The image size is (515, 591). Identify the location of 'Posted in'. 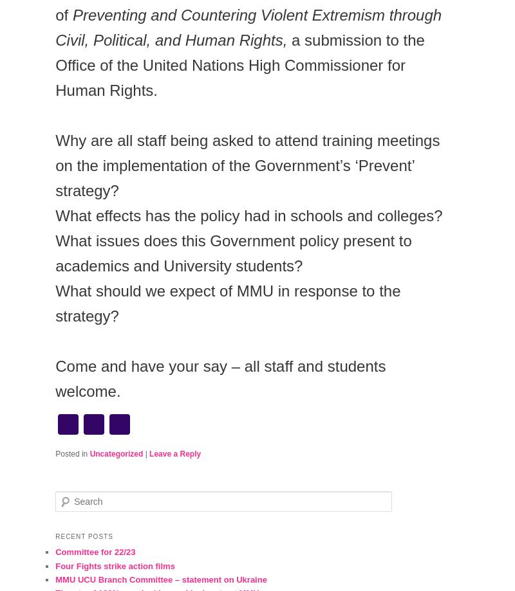
(71, 453).